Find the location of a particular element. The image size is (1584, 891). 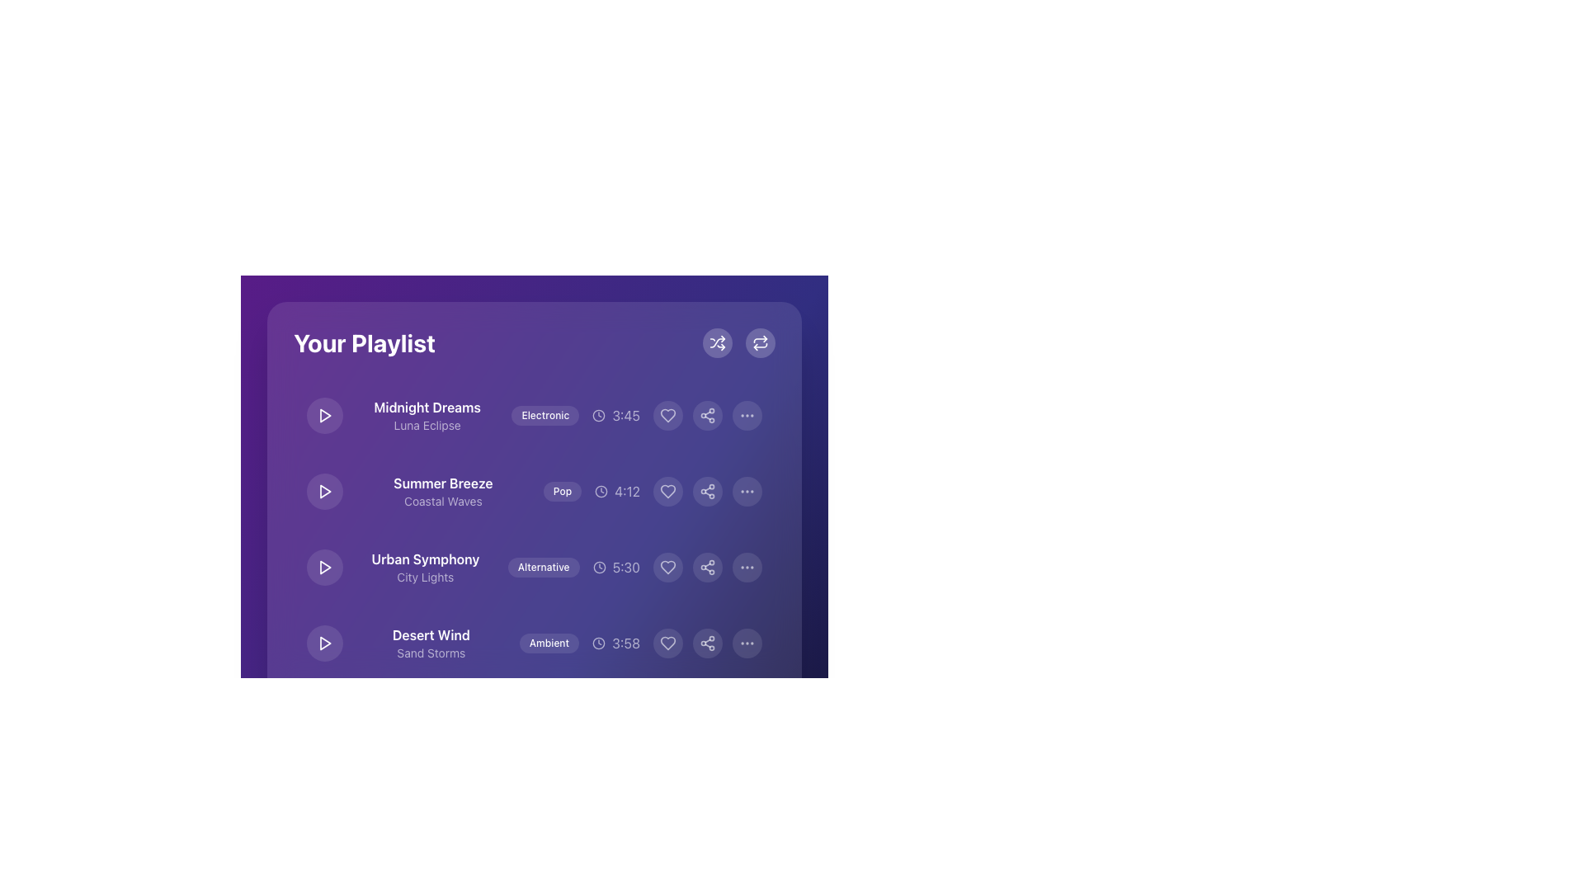

the share icon embedded within the button for the 'Midnight Dreams' music track is located at coordinates (708, 415).